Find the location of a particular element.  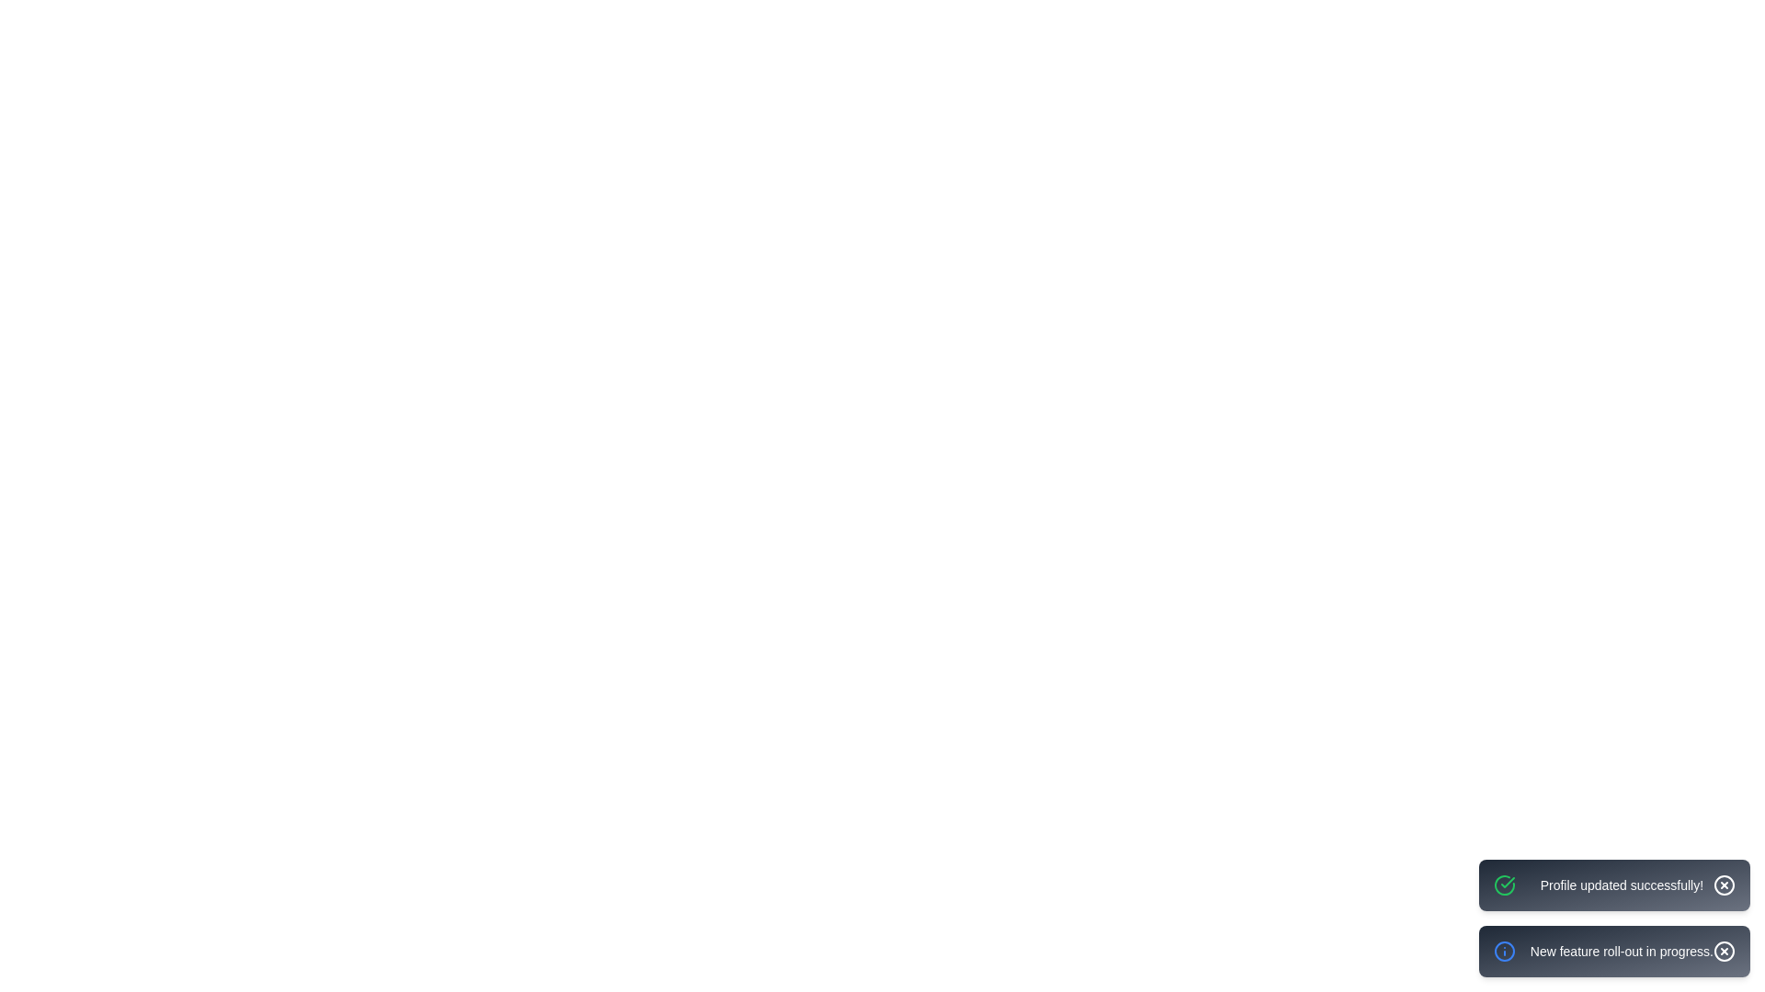

the close button of the notification to dismiss it is located at coordinates (1724, 885).